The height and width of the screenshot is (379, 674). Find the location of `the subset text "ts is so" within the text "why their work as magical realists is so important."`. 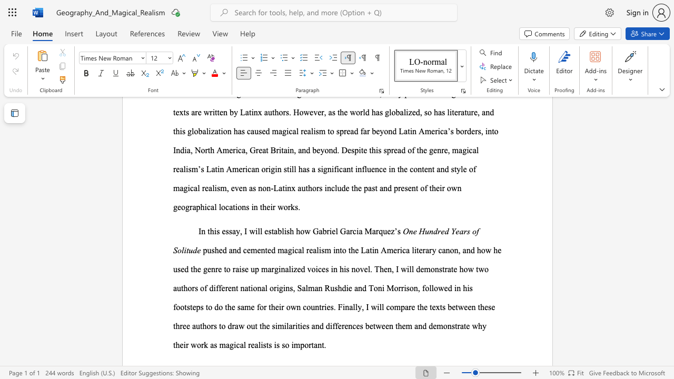

the subset text "ts is so" within the text "why their work as magical realists is so important." is located at coordinates (266, 345).